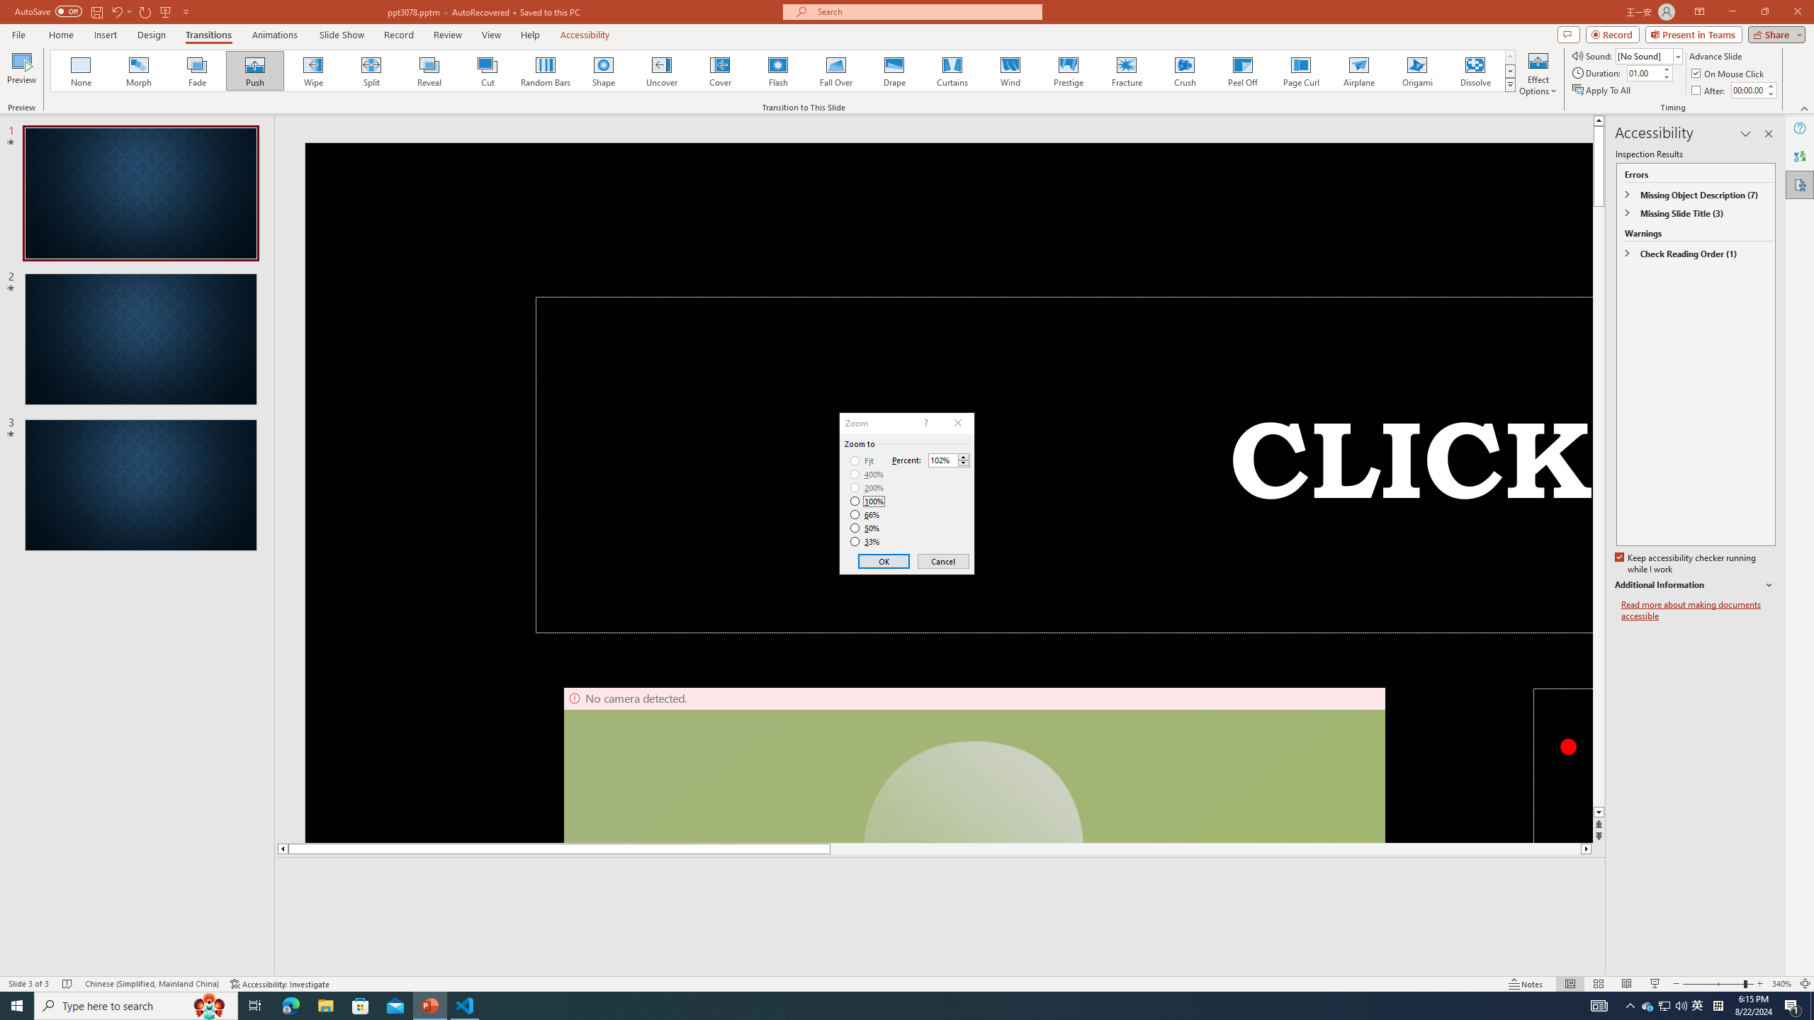  Describe the element at coordinates (430, 1004) in the screenshot. I see `'PowerPoint - 1 running window'` at that location.